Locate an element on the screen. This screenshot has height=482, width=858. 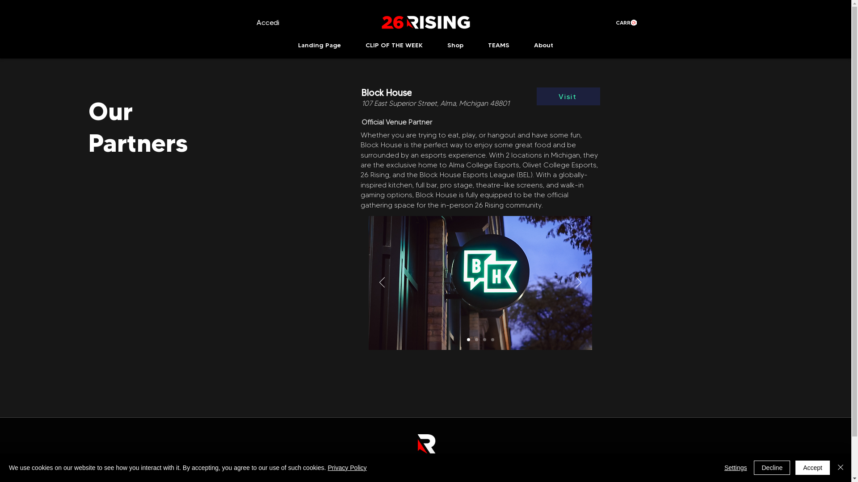
'Decline' is located at coordinates (771, 467).